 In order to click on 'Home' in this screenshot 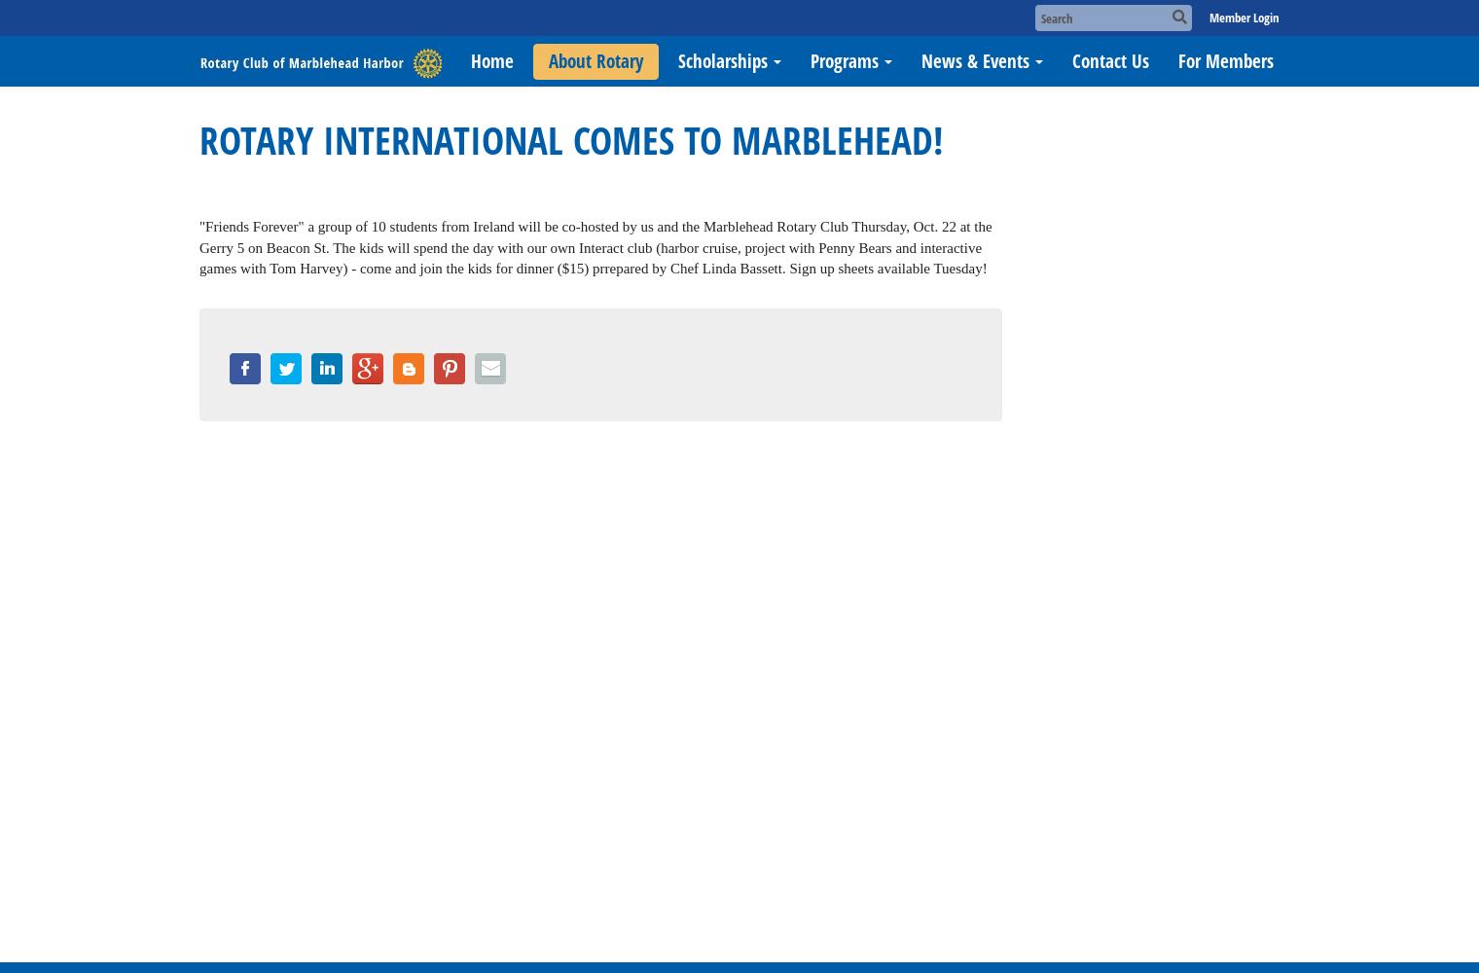, I will do `click(492, 60)`.